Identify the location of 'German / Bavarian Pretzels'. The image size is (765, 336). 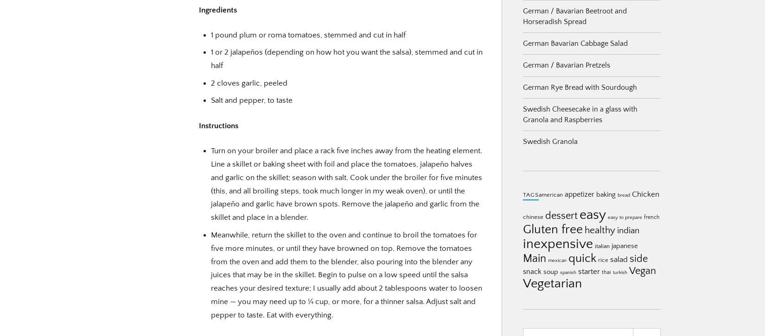
(566, 65).